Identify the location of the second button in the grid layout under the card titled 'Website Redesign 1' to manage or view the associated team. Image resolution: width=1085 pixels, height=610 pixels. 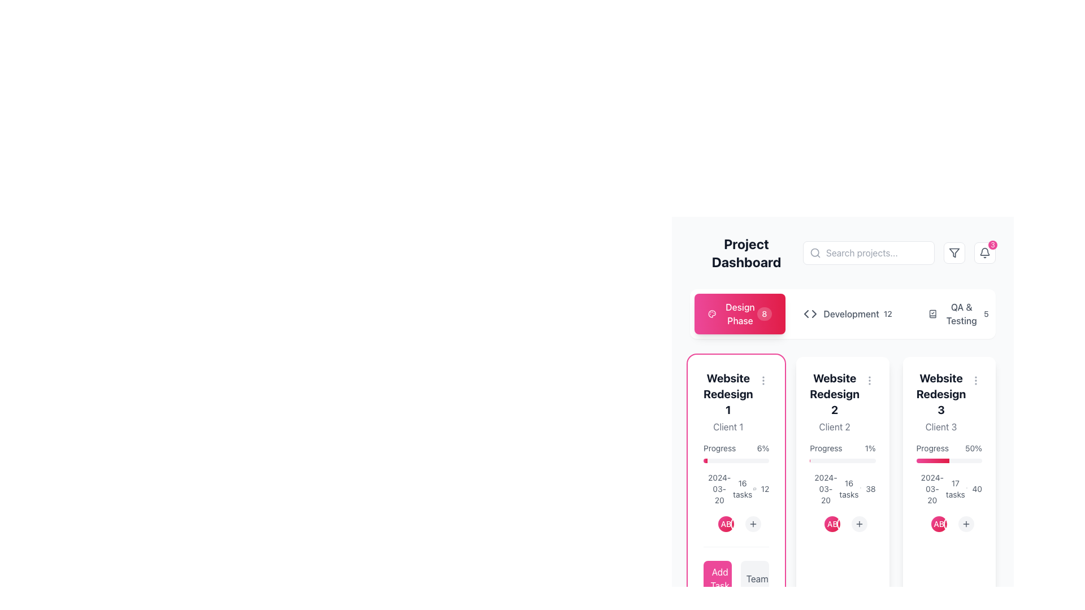
(754, 579).